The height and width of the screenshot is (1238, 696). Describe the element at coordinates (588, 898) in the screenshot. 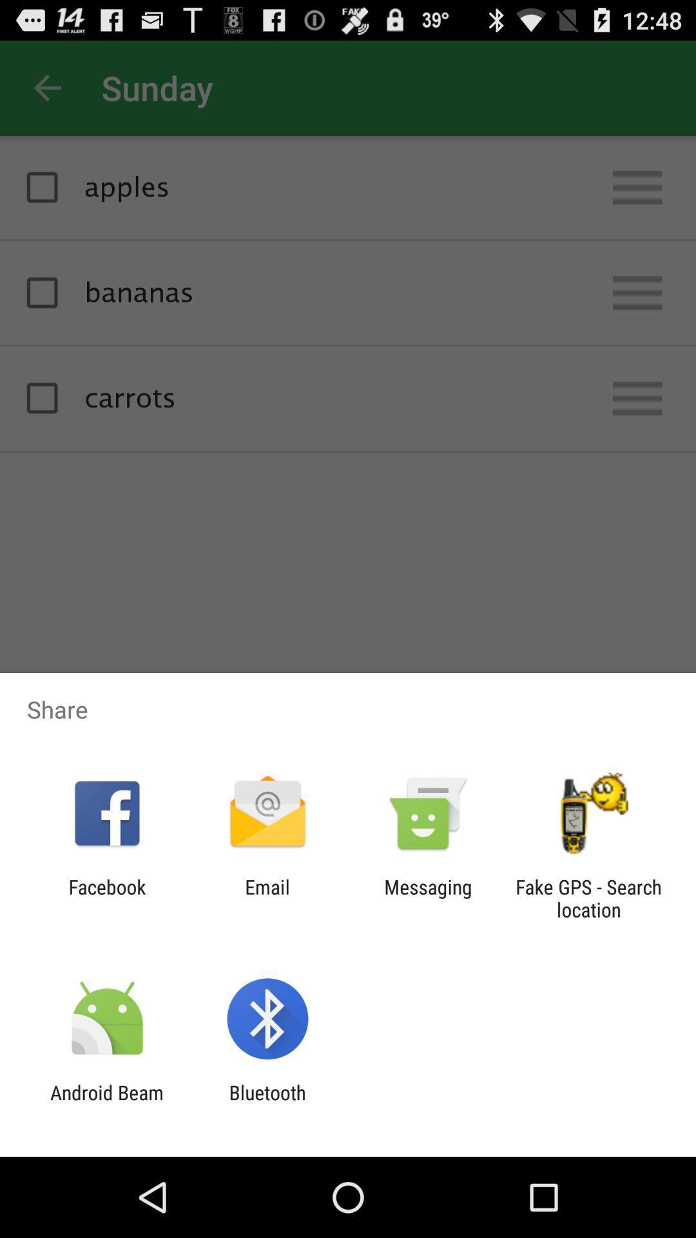

I see `icon to the right of the messaging item` at that location.